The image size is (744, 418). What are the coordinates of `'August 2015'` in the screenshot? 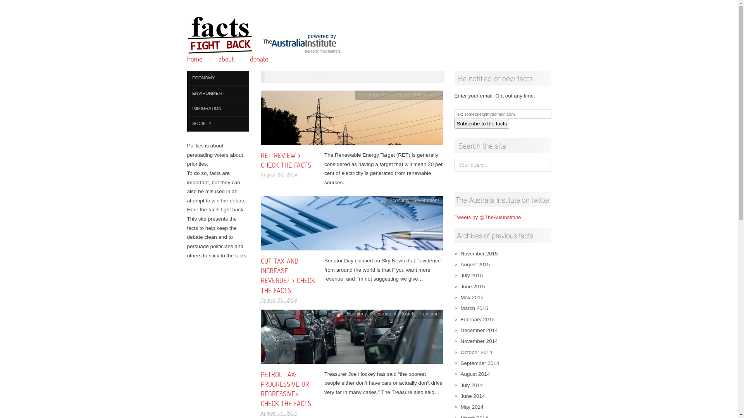 It's located at (460, 264).